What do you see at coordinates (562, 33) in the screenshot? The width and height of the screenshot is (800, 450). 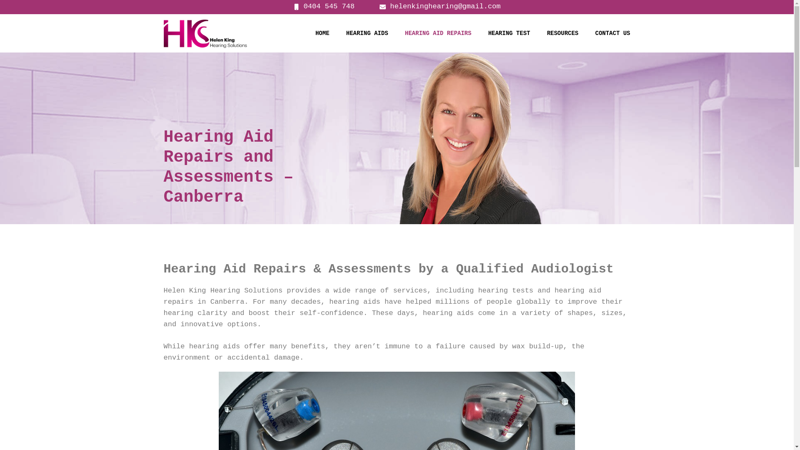 I see `'RESOURCES'` at bounding box center [562, 33].